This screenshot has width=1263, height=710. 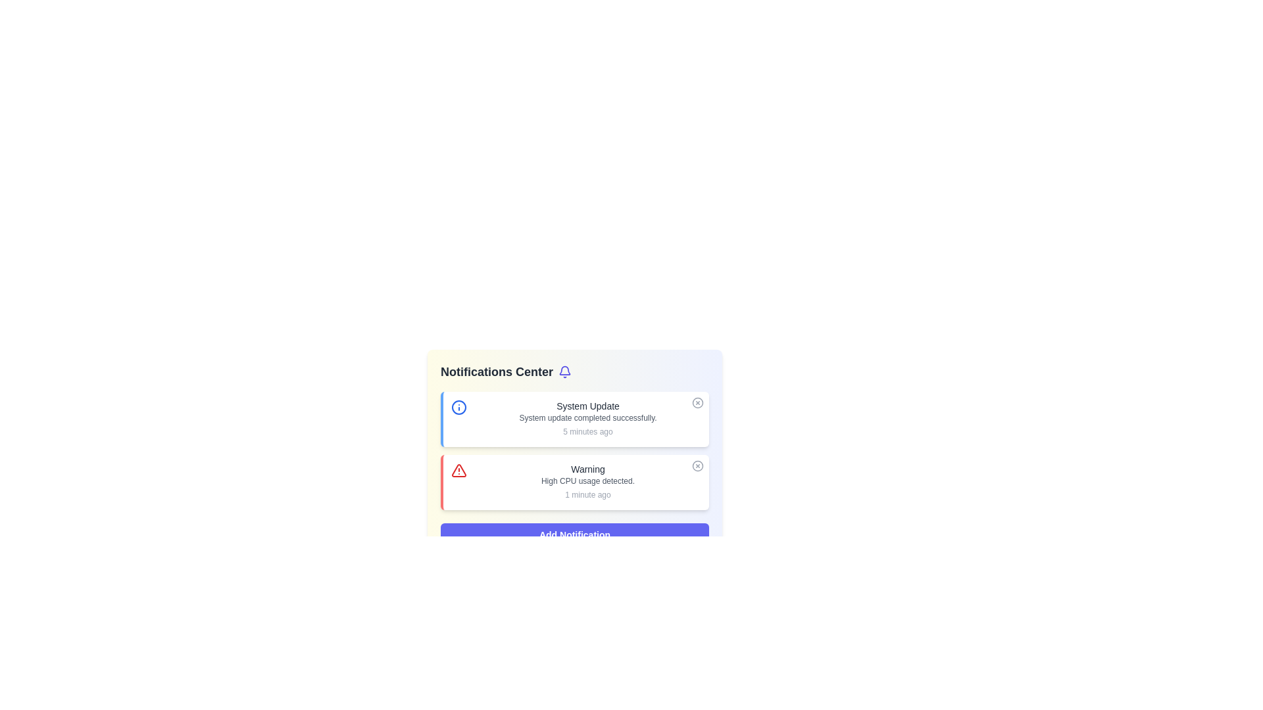 What do you see at coordinates (587, 468) in the screenshot?
I see `the 'Warning' text label located in the notification center` at bounding box center [587, 468].